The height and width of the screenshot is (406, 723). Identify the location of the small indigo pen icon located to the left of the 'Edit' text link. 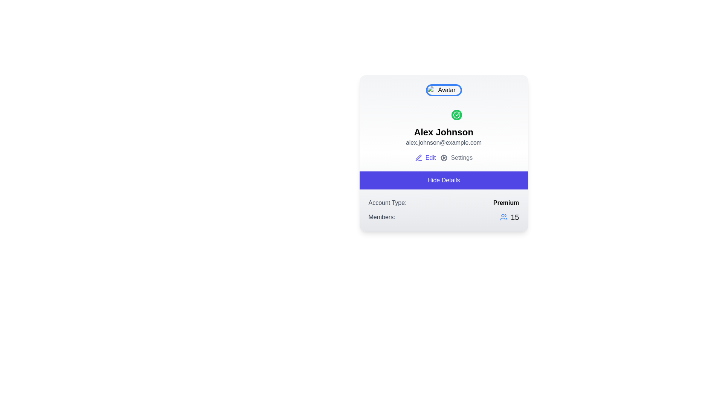
(418, 158).